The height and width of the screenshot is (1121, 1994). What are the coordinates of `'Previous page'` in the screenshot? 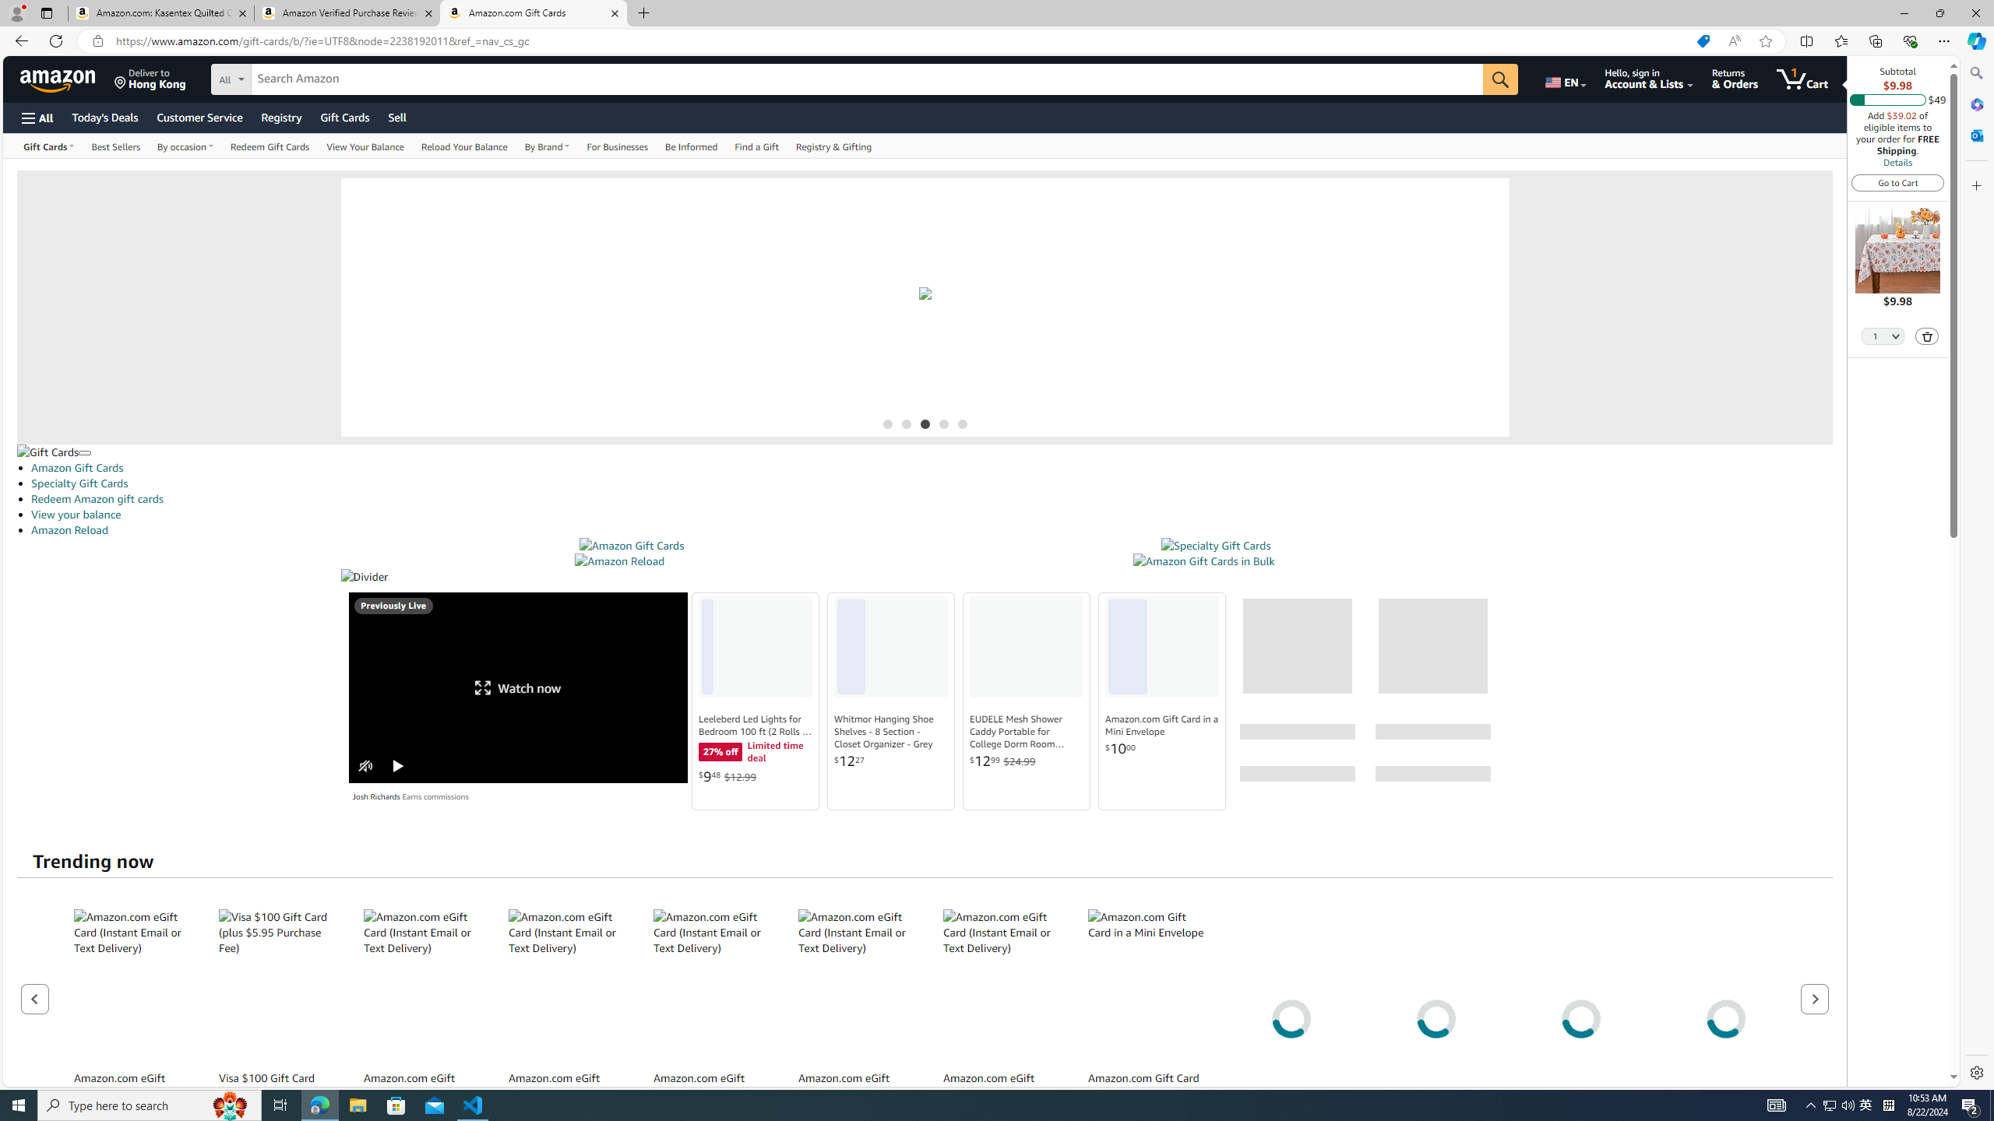 It's located at (35, 998).